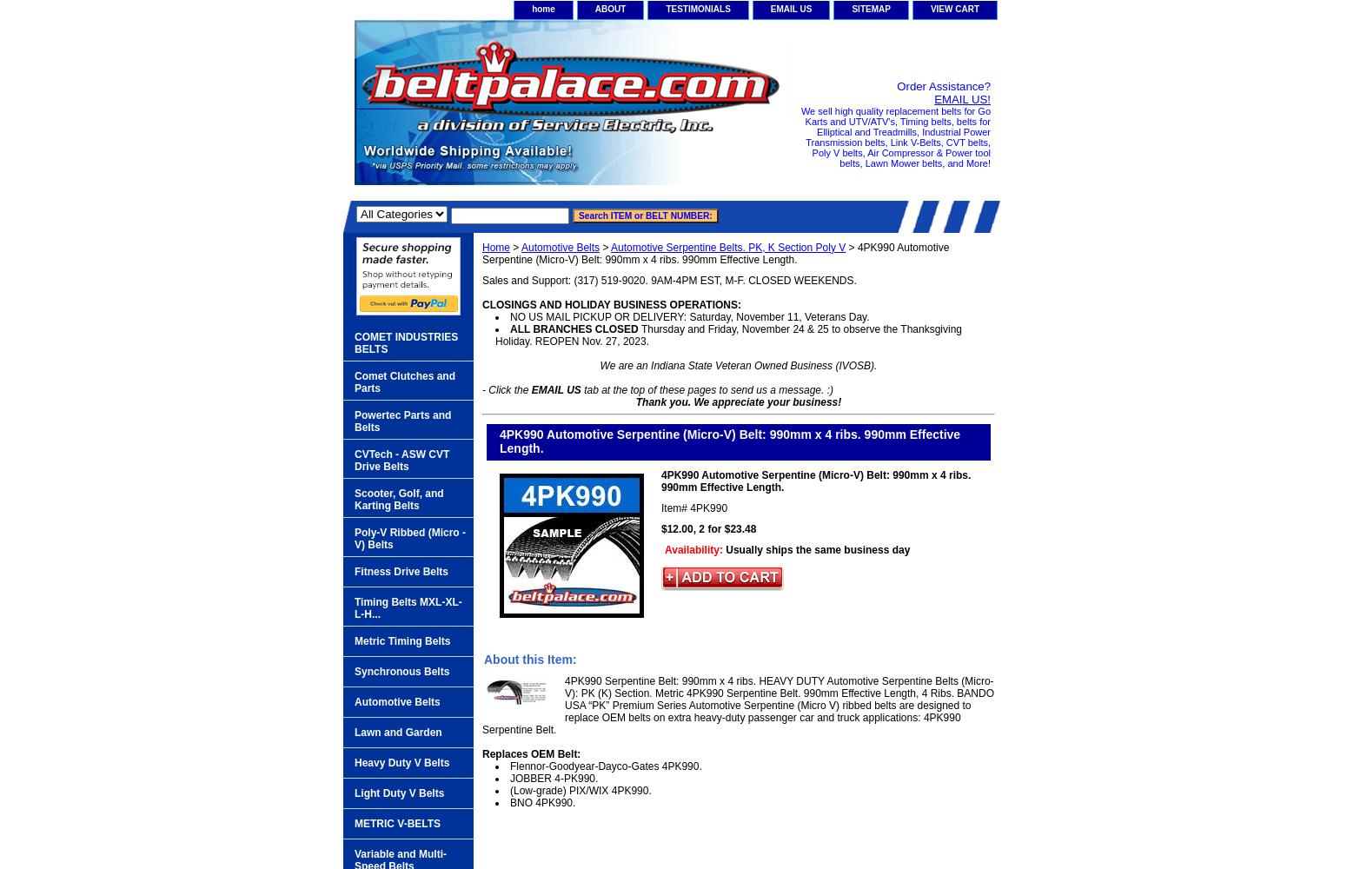 The height and width of the screenshot is (869, 1347). Describe the element at coordinates (402, 420) in the screenshot. I see `'Powertec Parts and Belts'` at that location.